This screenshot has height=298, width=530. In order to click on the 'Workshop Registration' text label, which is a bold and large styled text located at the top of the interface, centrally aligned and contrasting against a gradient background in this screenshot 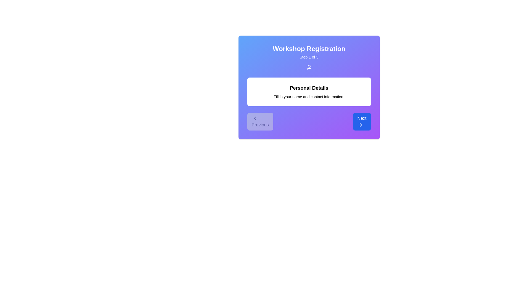, I will do `click(309, 49)`.